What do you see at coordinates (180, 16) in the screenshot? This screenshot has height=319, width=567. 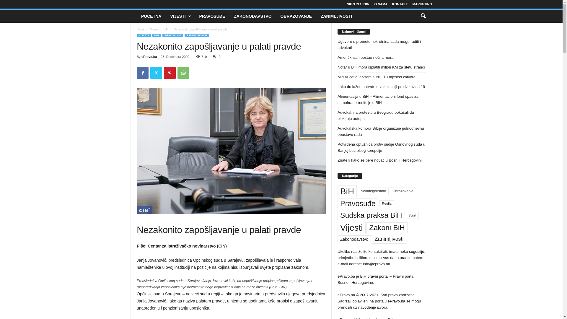 I see `'VIJESTI'` at bounding box center [180, 16].